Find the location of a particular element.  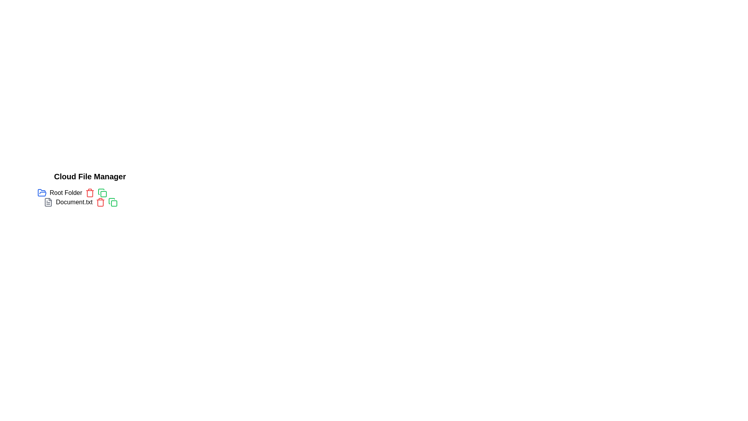

the icon that visually represents the 'Document.txt' file, located to the left of the text 'Document.txt' is located at coordinates (48, 202).